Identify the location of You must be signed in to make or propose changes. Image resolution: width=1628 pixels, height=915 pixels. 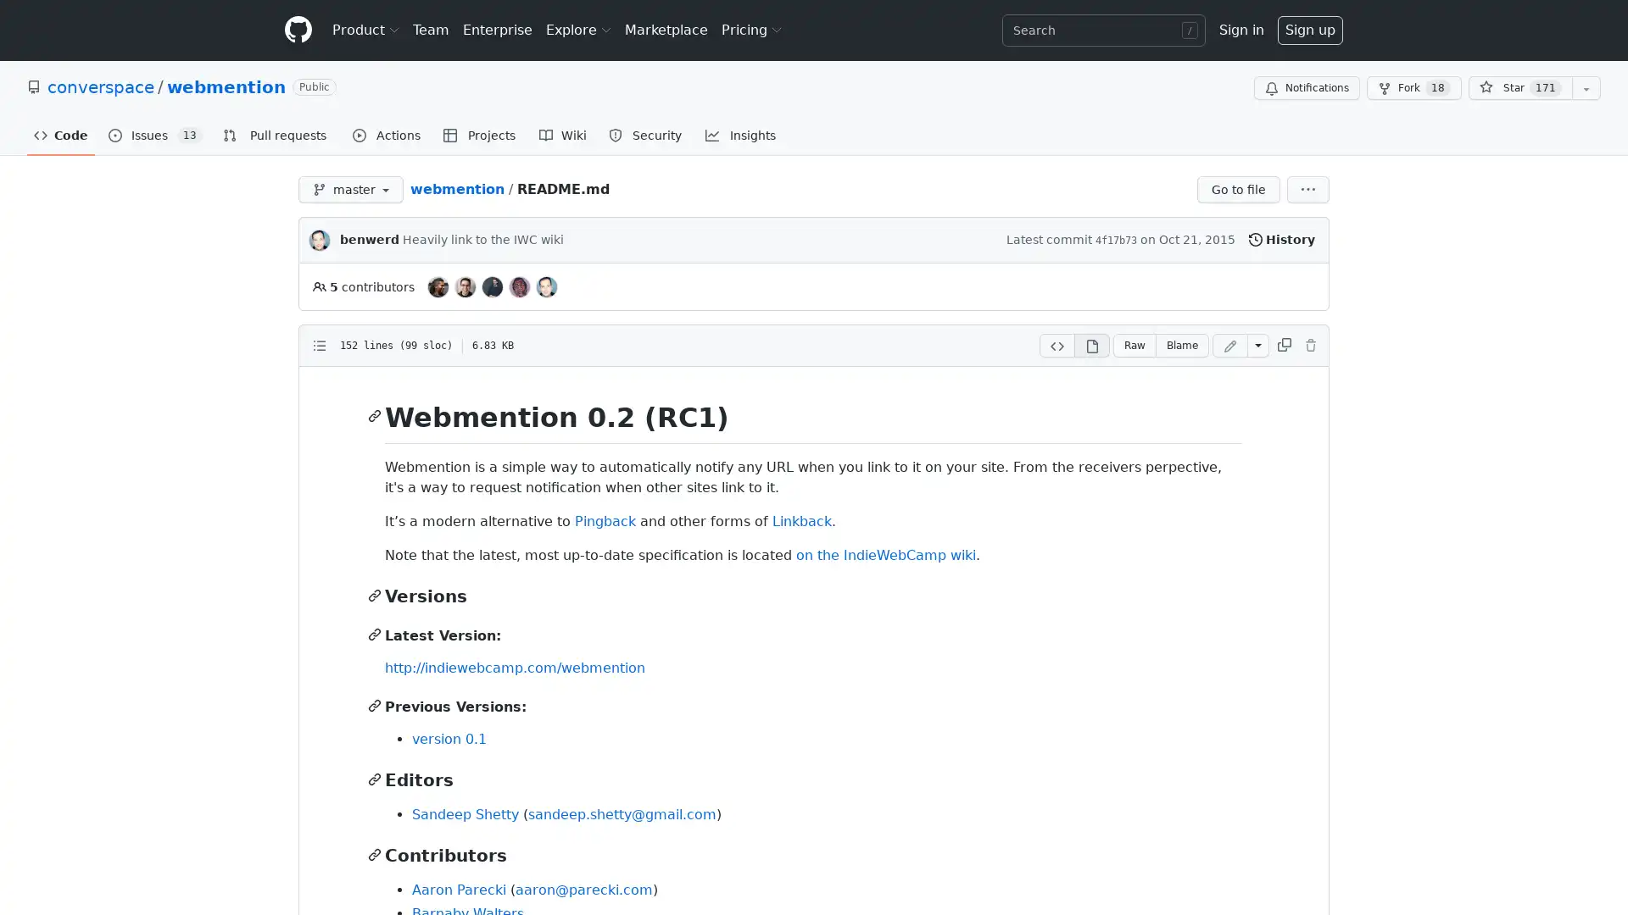
(1309, 345).